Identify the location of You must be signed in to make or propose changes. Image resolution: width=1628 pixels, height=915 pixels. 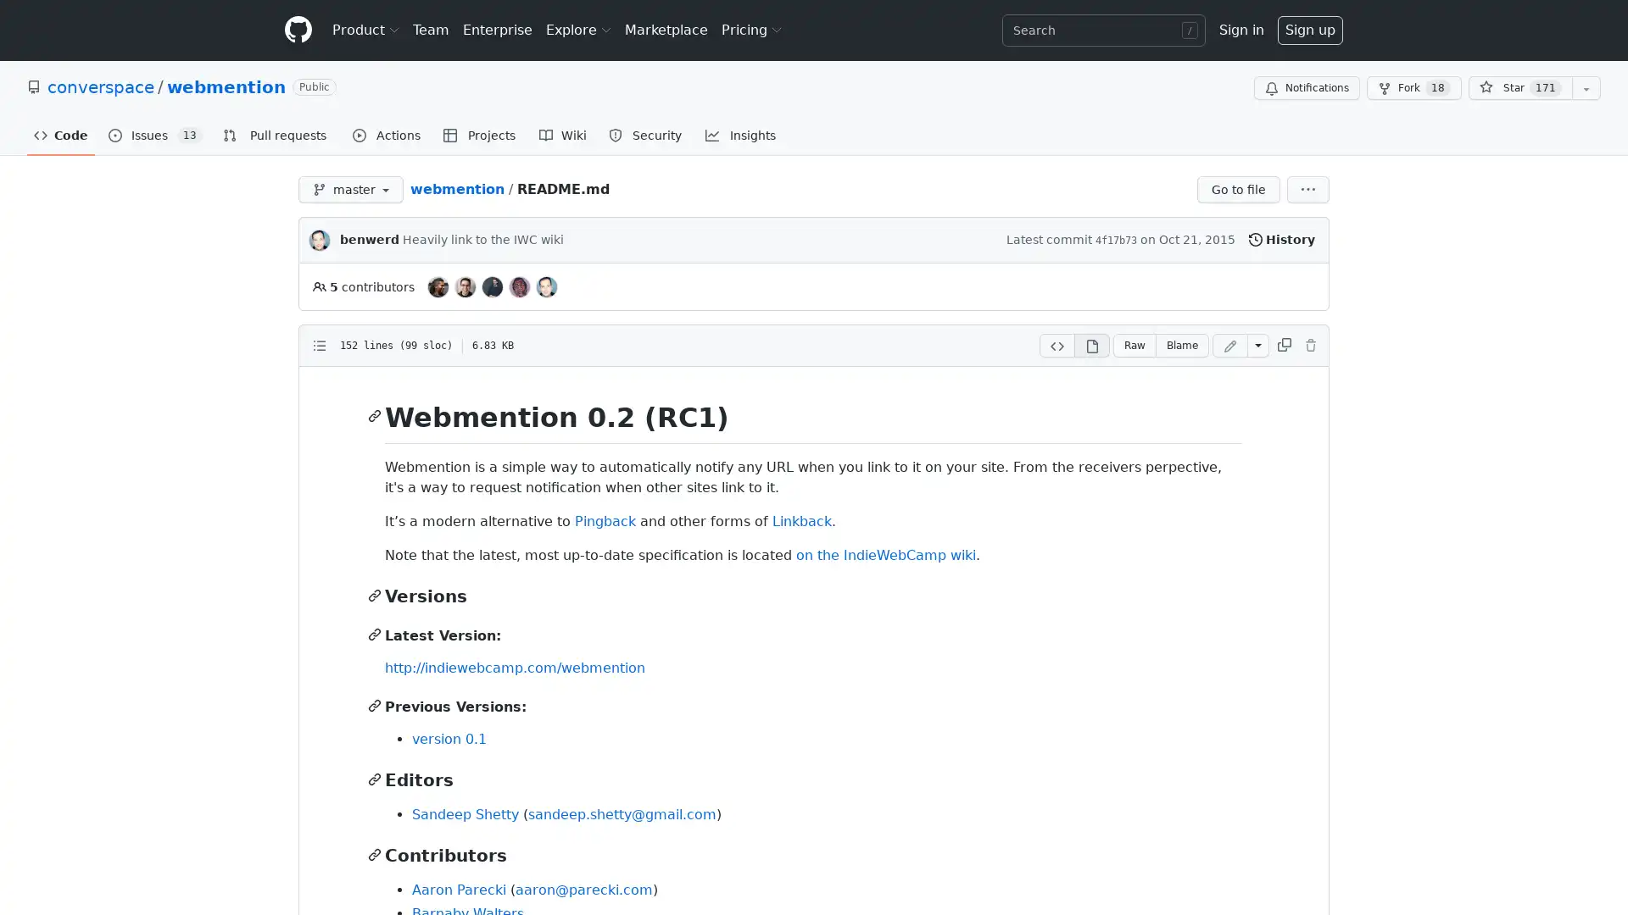
(1309, 345).